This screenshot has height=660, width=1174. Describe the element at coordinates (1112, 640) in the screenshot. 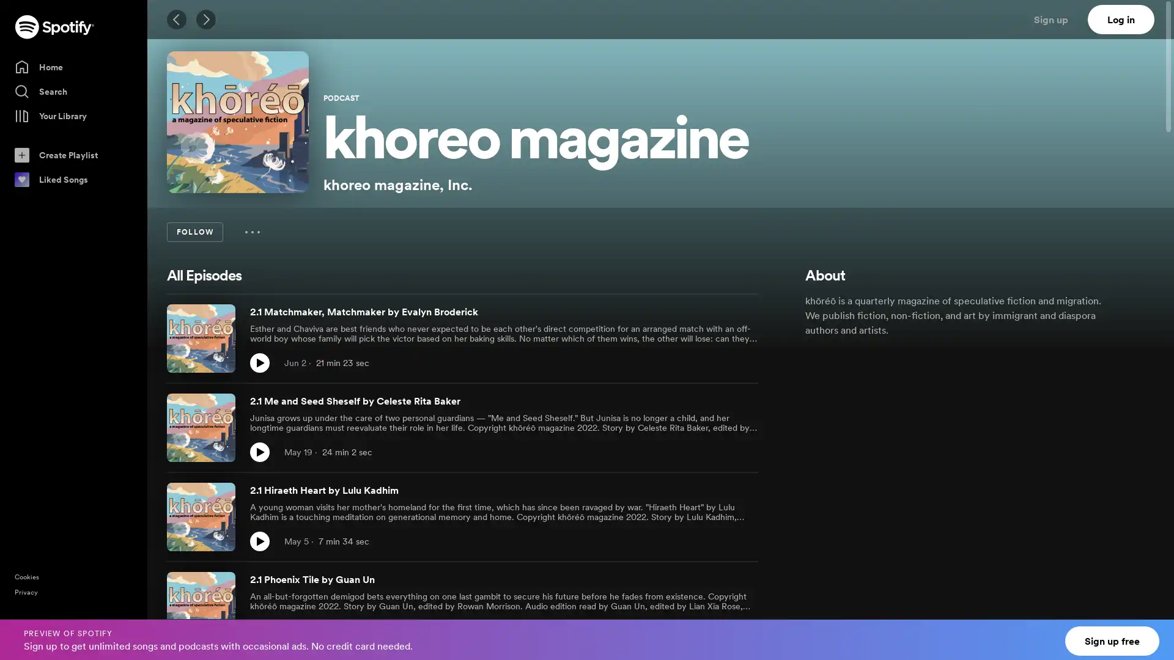

I see `Sign up free` at that location.